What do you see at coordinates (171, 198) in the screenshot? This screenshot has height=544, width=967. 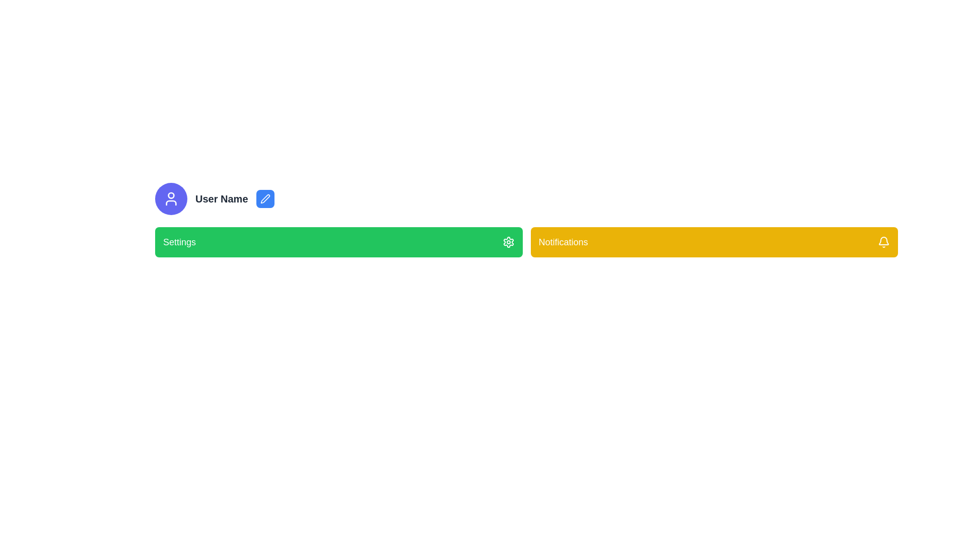 I see `the user icon, which is a circular element with a purple background and a white line drawing of a person, located to the left of the 'User Name' text` at bounding box center [171, 198].